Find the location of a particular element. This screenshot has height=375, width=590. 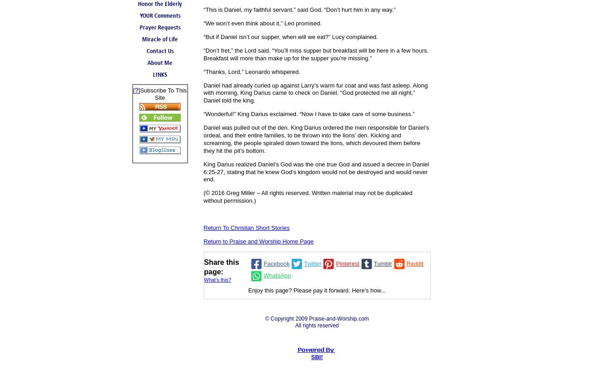

'Enjoy this page? Please pay it forward. Here's how...' is located at coordinates (316, 290).